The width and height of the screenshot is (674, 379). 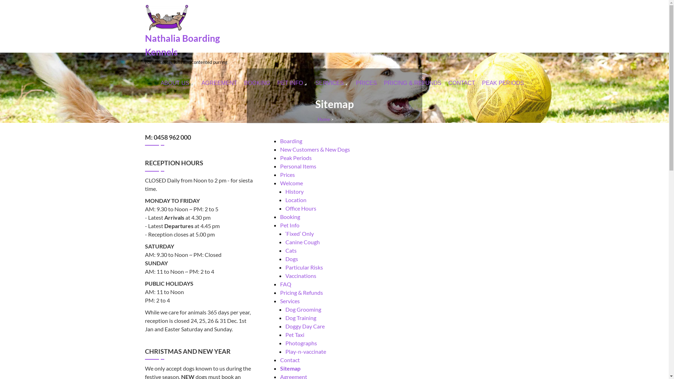 I want to click on 'Home', so click(x=323, y=119).